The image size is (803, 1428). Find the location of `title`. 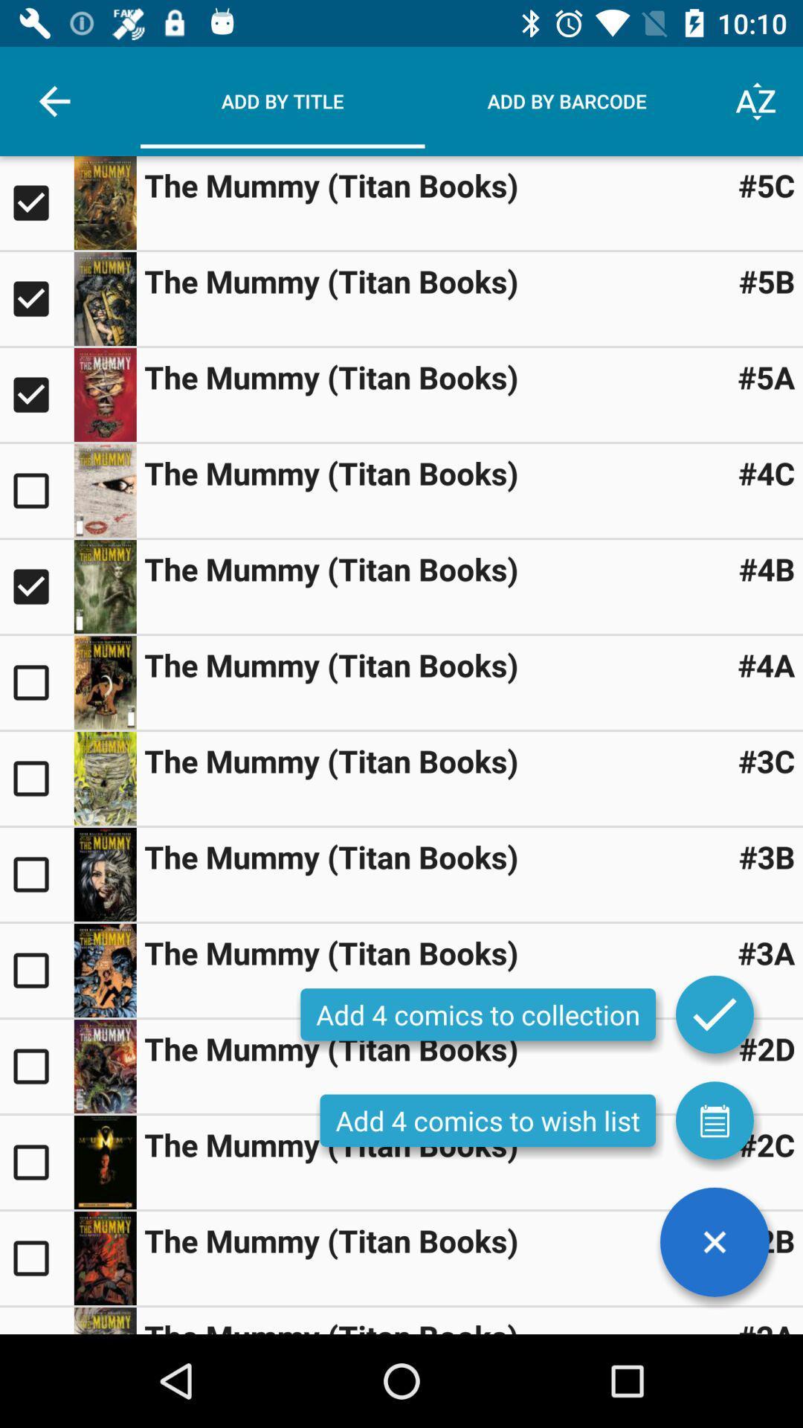

title is located at coordinates (36, 395).